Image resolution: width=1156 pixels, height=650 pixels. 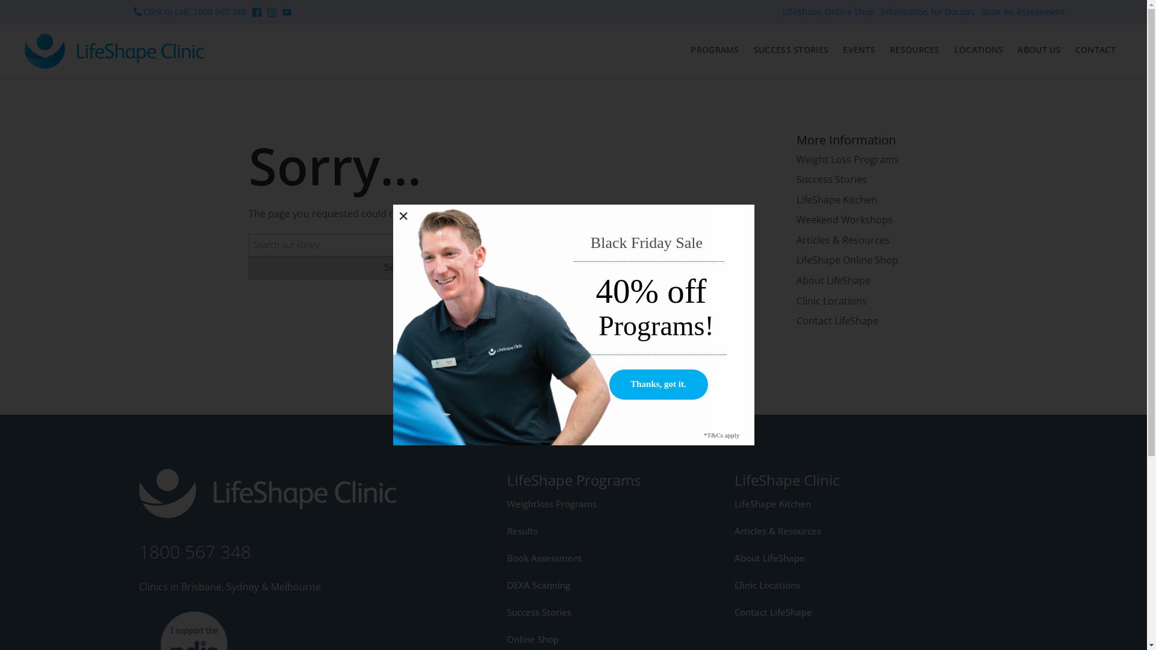 I want to click on 'Click to call: 1800 567 348', so click(x=191, y=11).